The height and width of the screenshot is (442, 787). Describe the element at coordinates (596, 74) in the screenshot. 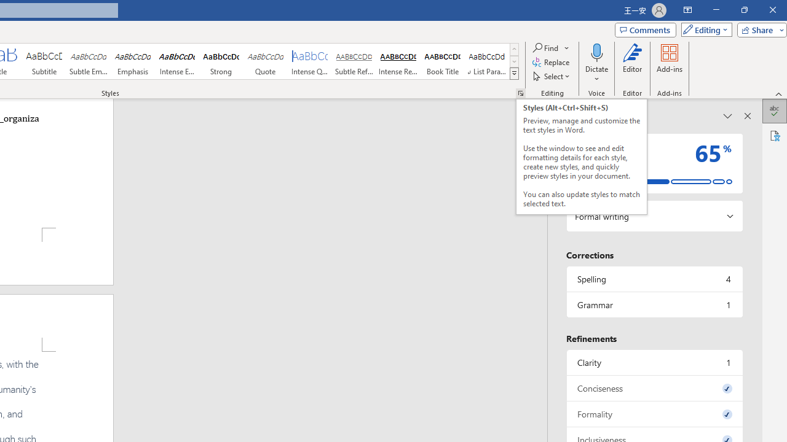

I see `'More Options'` at that location.